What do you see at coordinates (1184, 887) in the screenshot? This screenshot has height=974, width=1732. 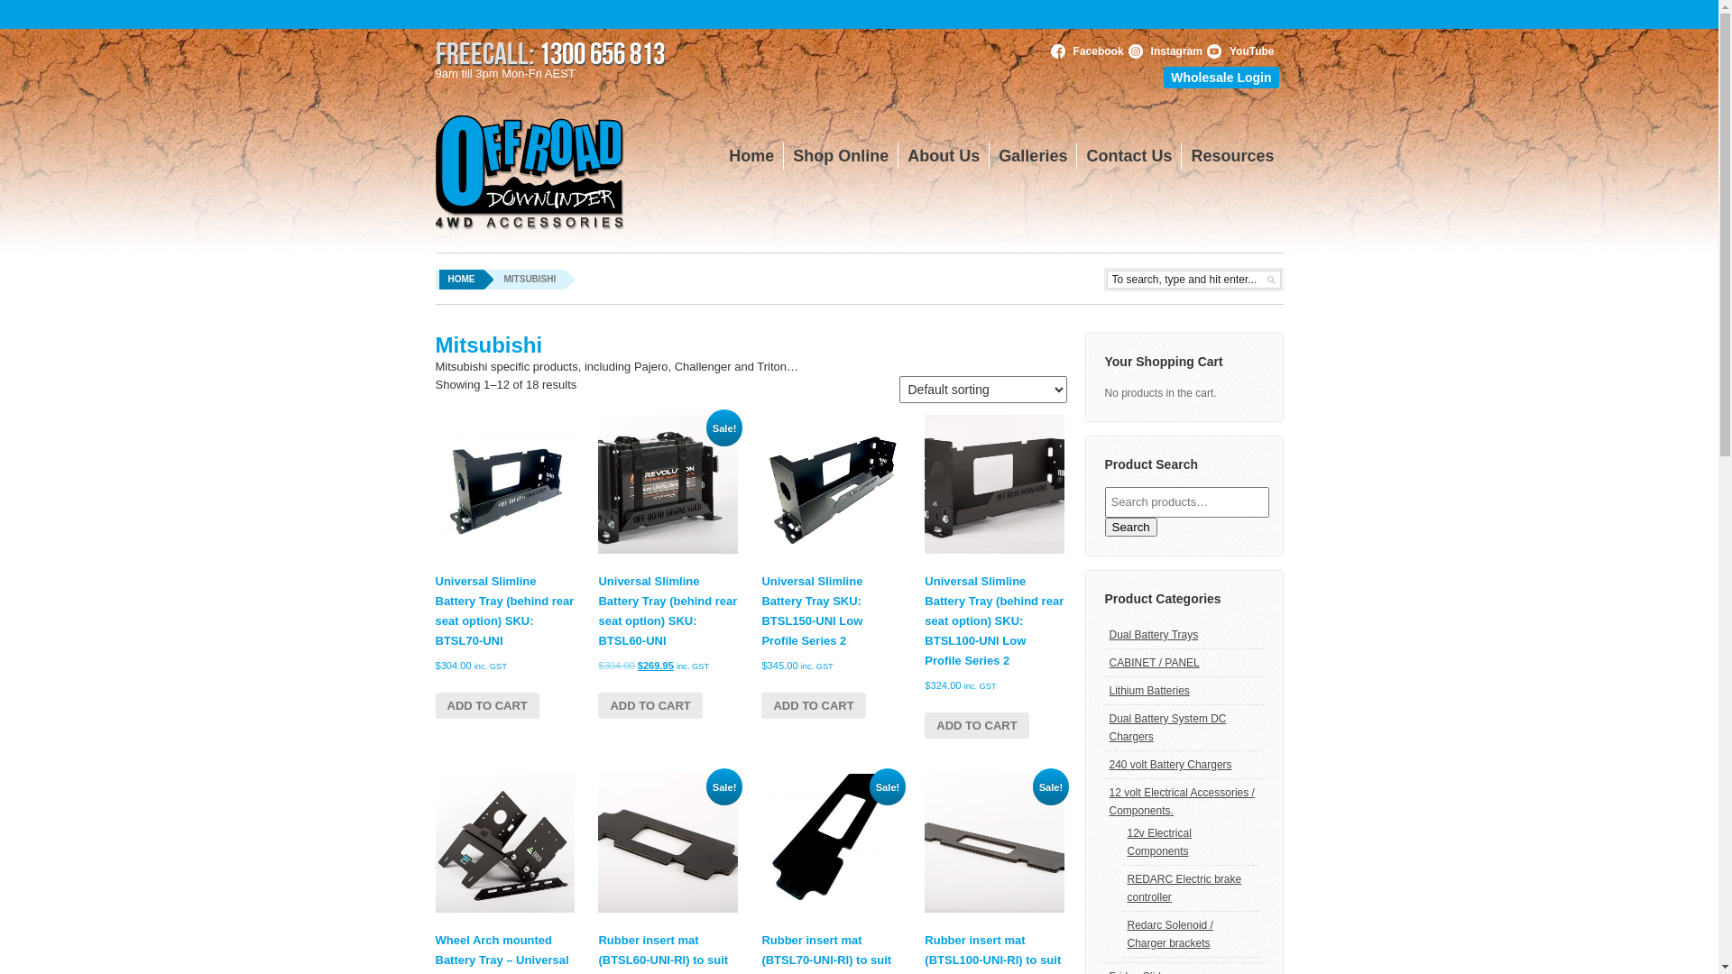 I see `'REDARC Electric brake controller'` at bounding box center [1184, 887].